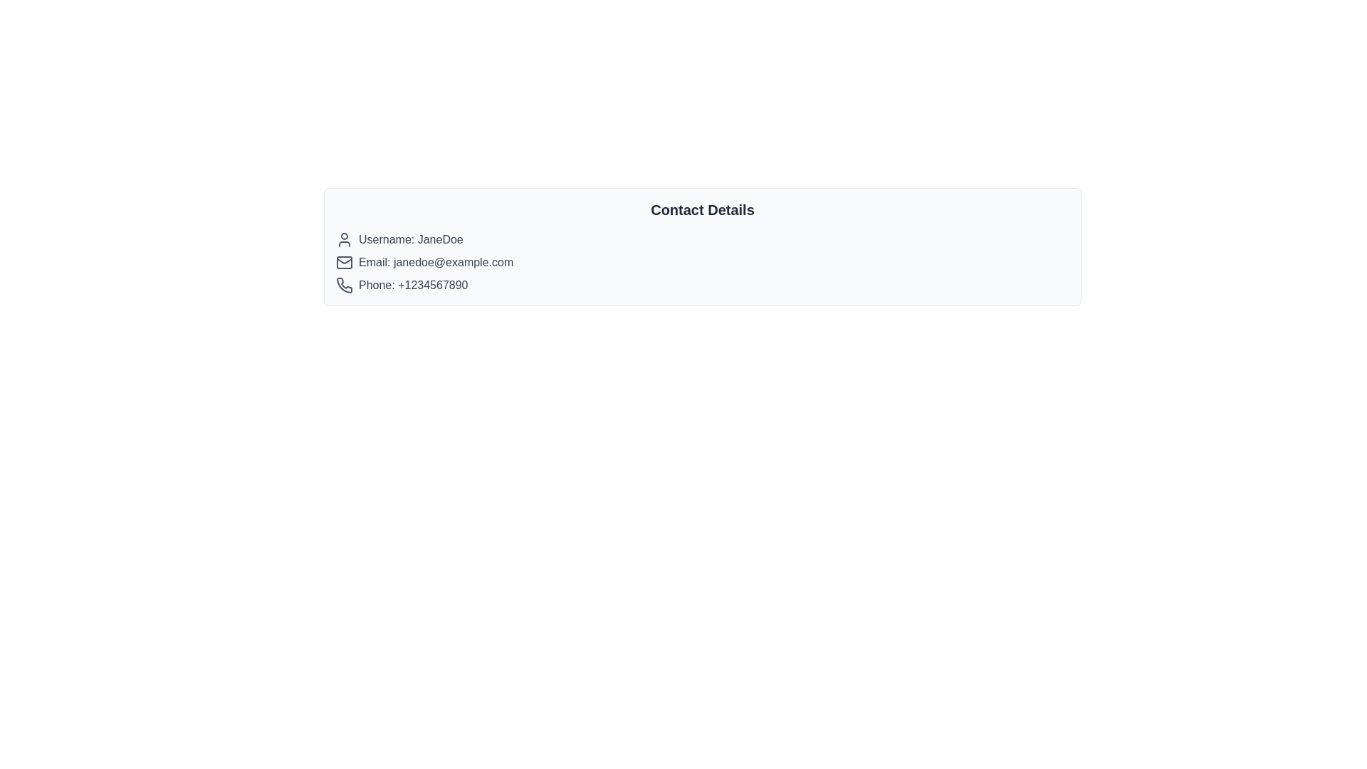 This screenshot has height=769, width=1367. Describe the element at coordinates (345, 286) in the screenshot. I see `the 'Phone' icon that indicates contact information, located to the left of the text 'Phone: +1234567890'` at that location.